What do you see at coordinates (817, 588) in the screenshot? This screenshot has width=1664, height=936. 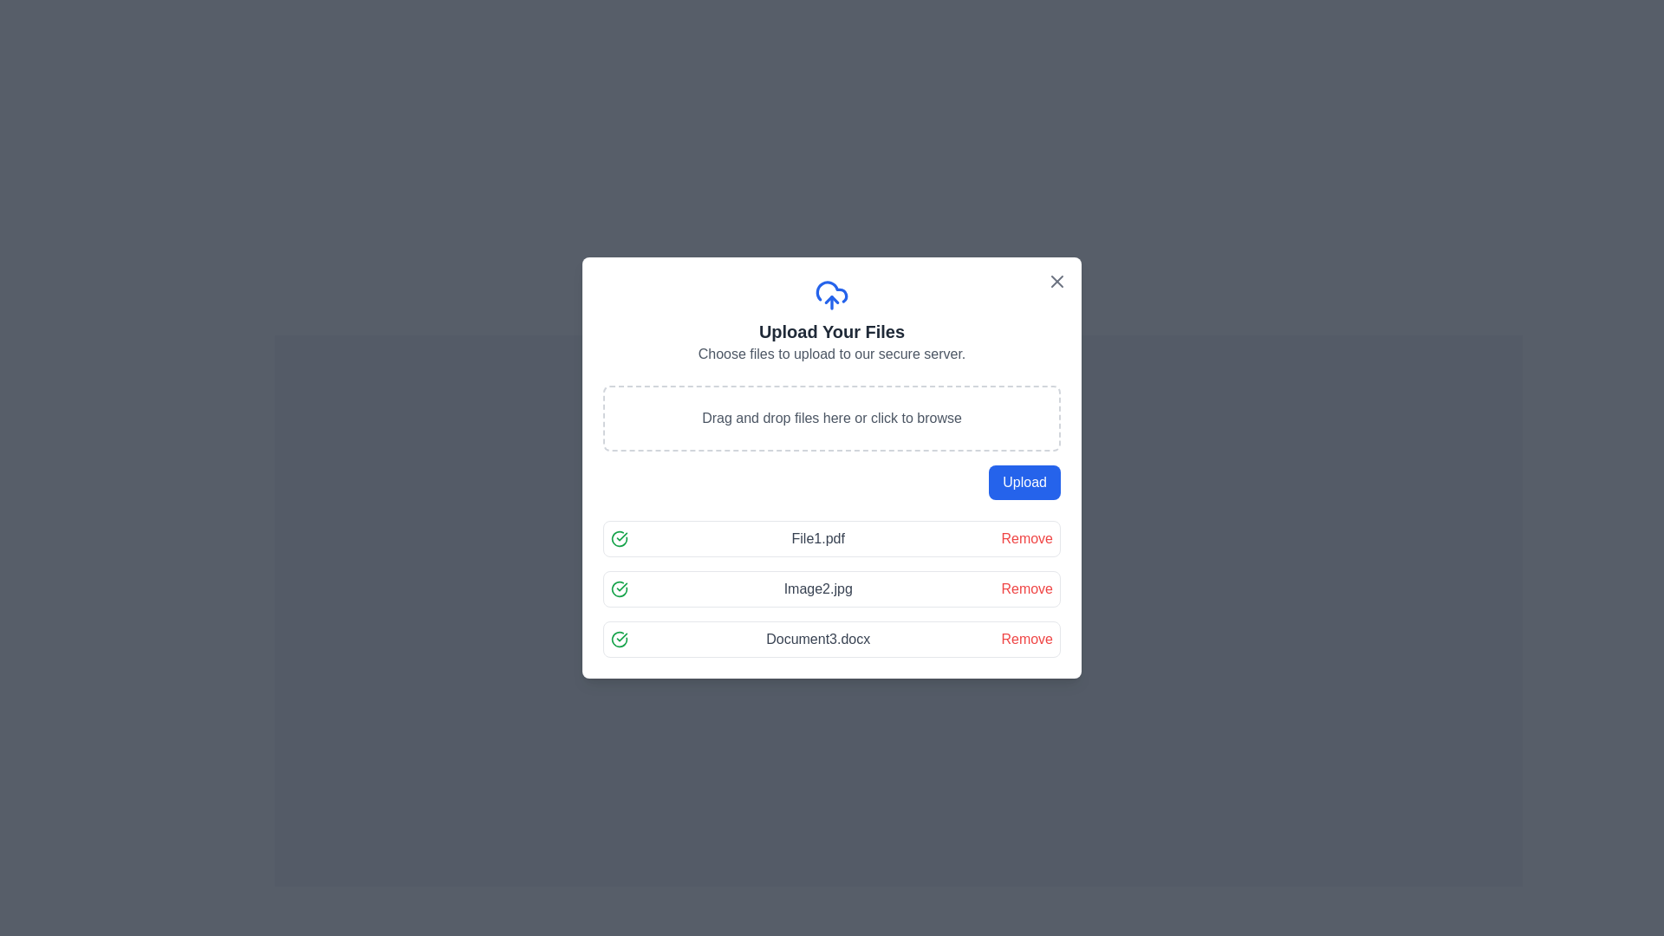 I see `the filename 'Image2.jpg' label located in the second entry of the vertical list of uploaded files` at bounding box center [817, 588].